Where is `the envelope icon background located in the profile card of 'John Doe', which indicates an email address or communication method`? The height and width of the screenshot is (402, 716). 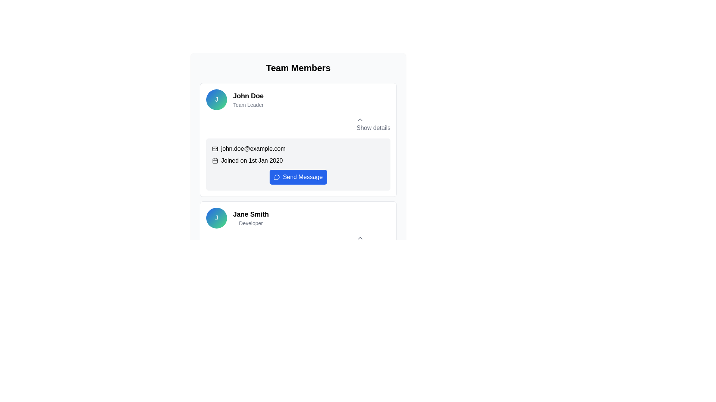
the envelope icon background located in the profile card of 'John Doe', which indicates an email address or communication method is located at coordinates (214, 149).